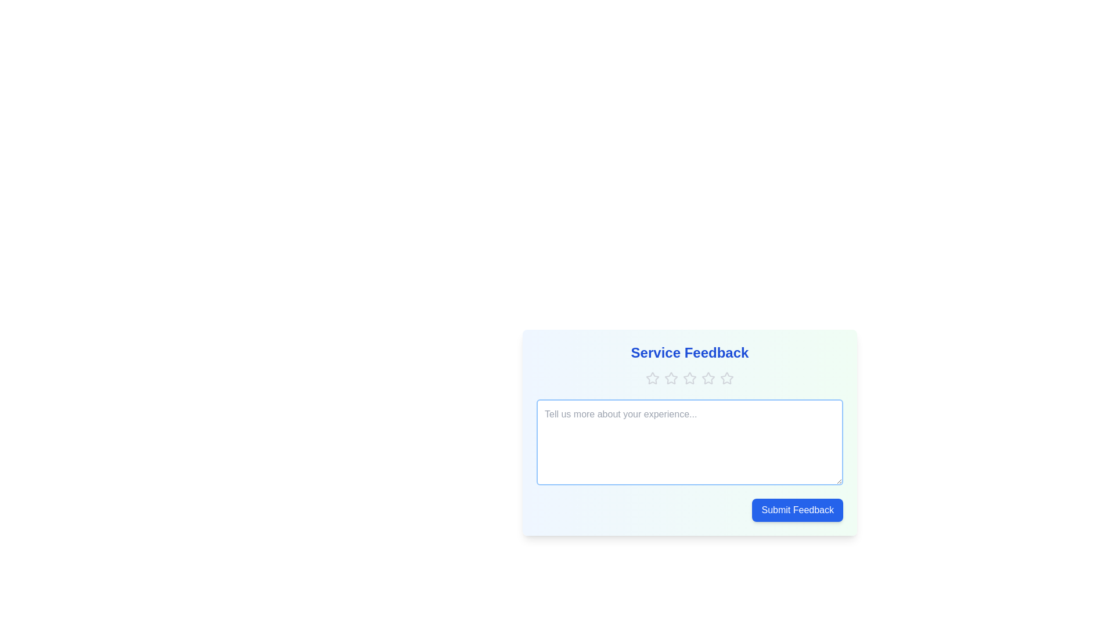  I want to click on the star corresponding to the desired rating 1, so click(652, 378).